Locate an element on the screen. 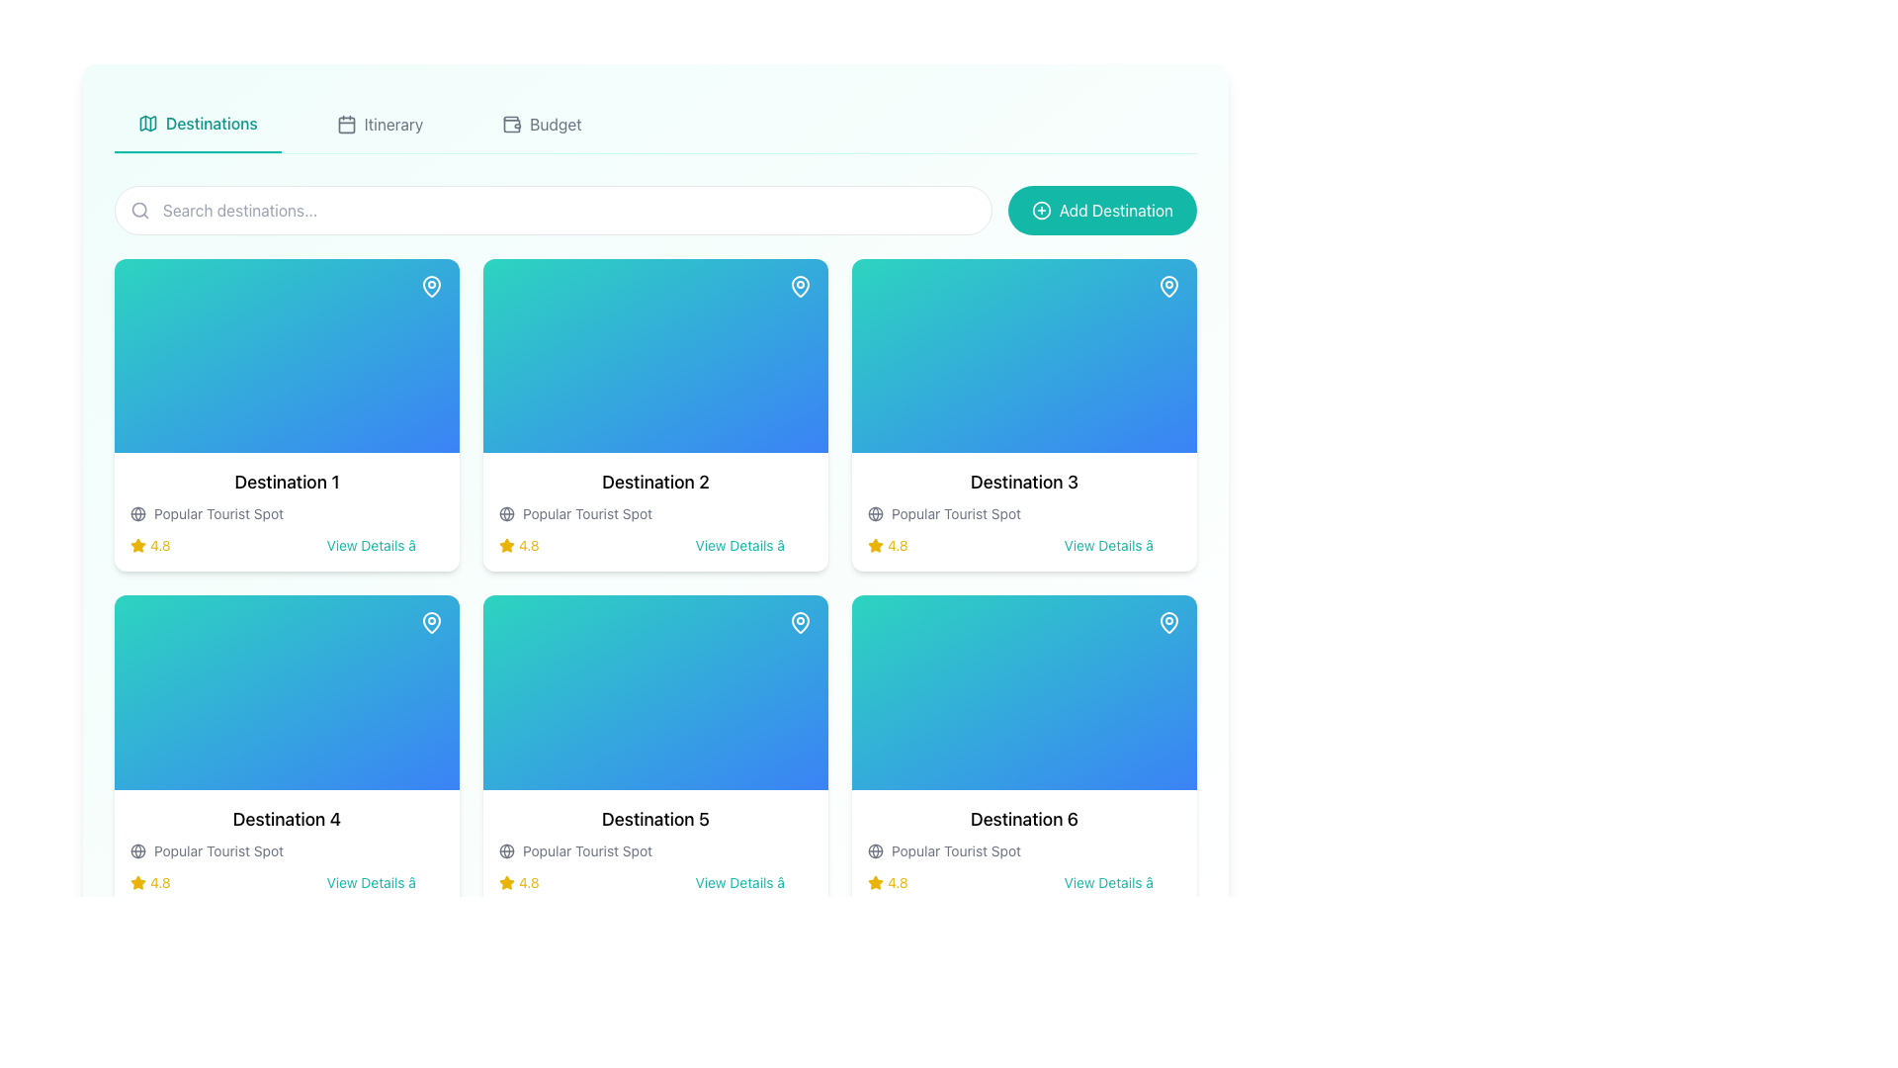 Image resolution: width=1898 pixels, height=1068 pixels. the text label displaying 'Popular Tourist Spot' in gray color, which is located under the card labeled 'Destination 6' in the second row, third column of the grid is located at coordinates (956, 849).